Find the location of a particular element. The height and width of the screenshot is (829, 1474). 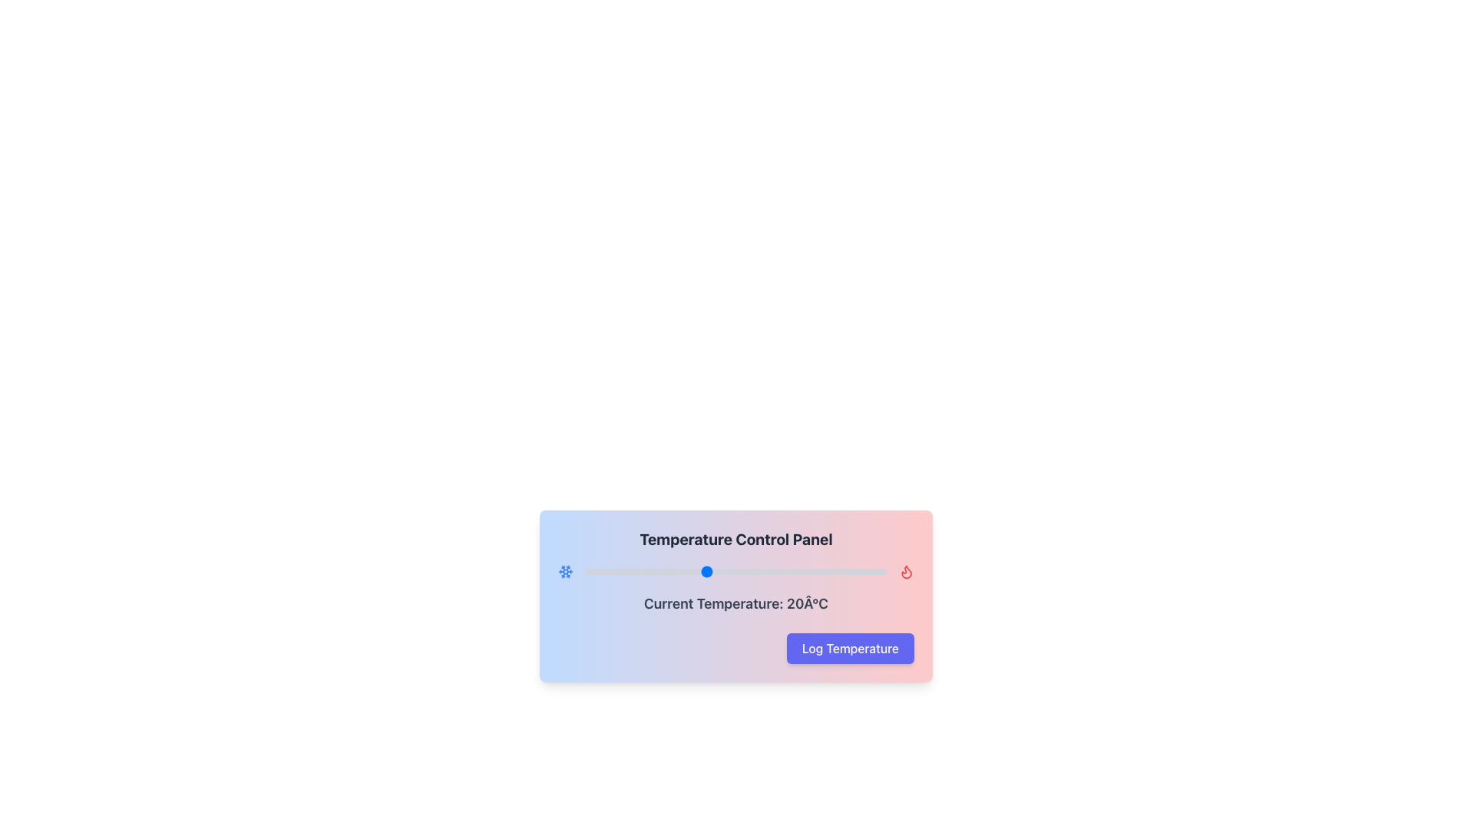

the temperature slider is located at coordinates (861, 571).